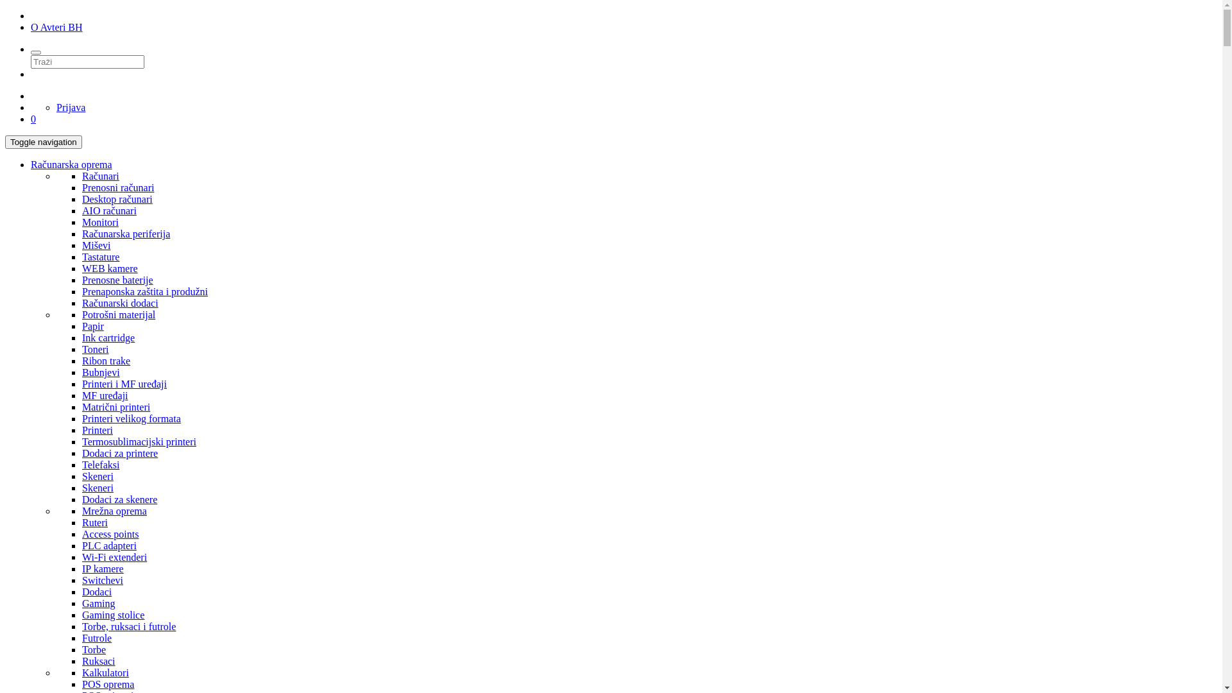 Image resolution: width=1232 pixels, height=693 pixels. What do you see at coordinates (55, 107) in the screenshot?
I see `'Prijava'` at bounding box center [55, 107].